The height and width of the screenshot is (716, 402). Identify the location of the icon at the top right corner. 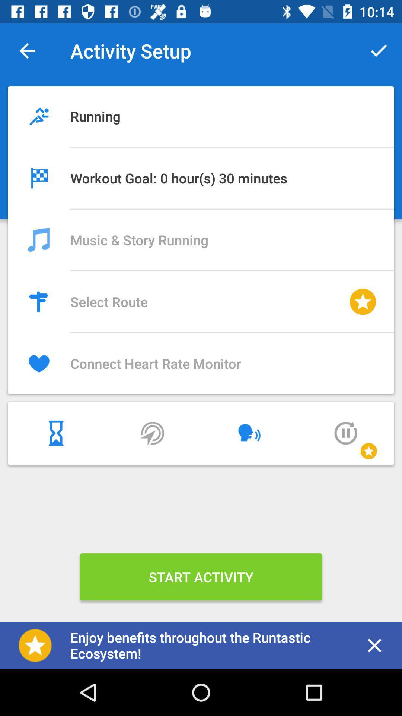
(379, 50).